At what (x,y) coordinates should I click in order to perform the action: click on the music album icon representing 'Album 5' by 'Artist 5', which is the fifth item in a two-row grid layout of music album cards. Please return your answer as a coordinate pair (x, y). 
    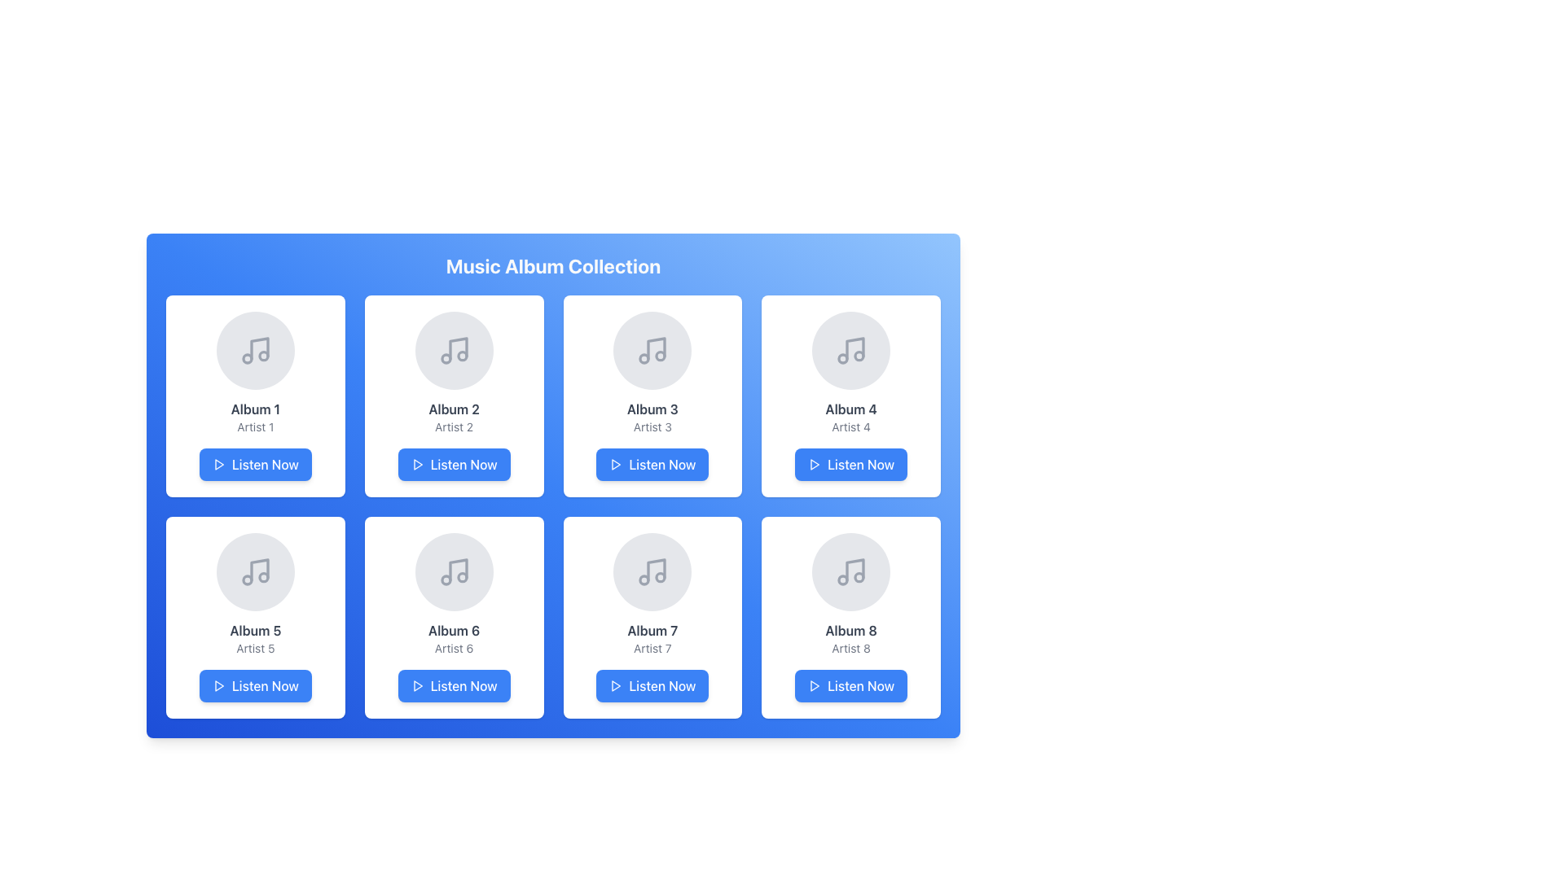
    Looking at the image, I should click on (254, 571).